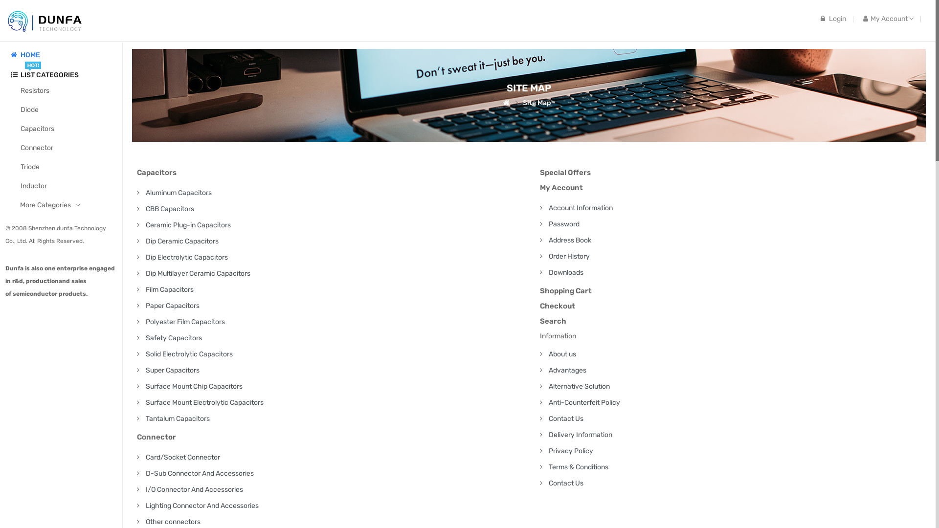  What do you see at coordinates (888, 19) in the screenshot?
I see `'My Account'` at bounding box center [888, 19].